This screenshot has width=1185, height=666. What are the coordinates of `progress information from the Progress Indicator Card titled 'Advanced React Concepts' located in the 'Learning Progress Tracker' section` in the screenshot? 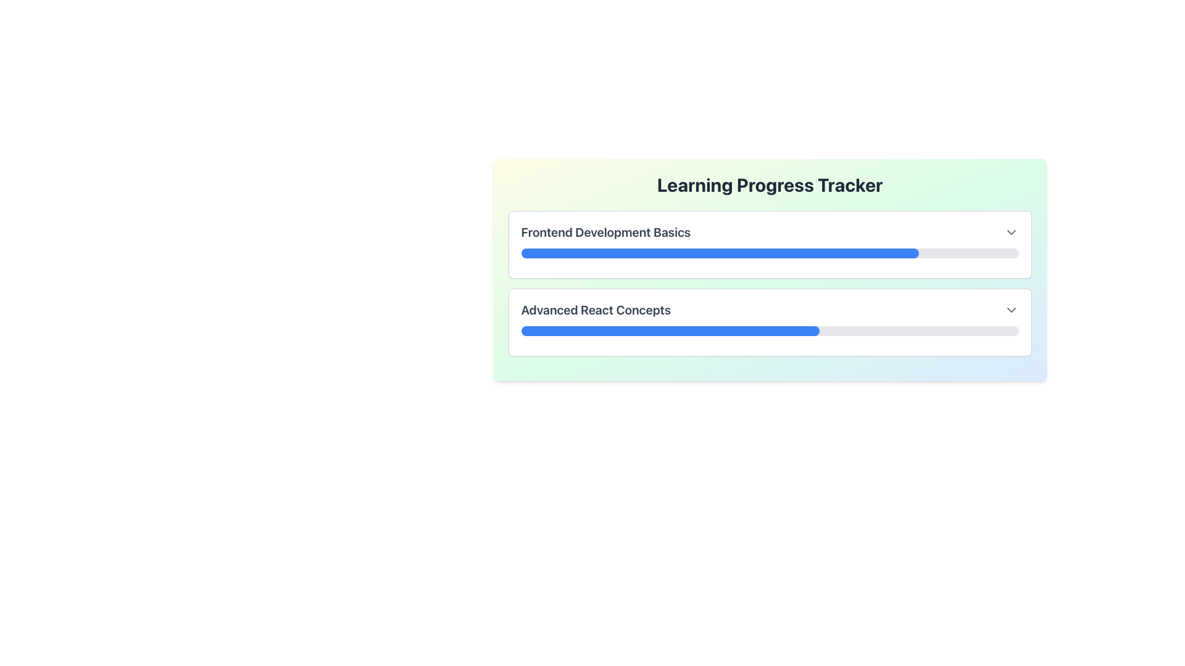 It's located at (769, 322).